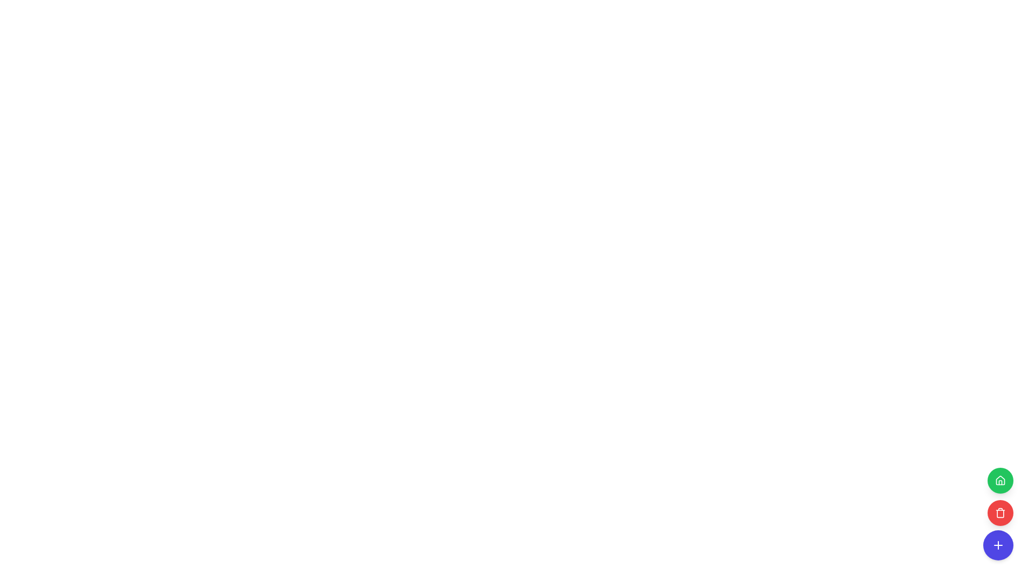 The width and height of the screenshot is (1035, 582). I want to click on the circular blue button with a white plus sign symbol, located at the bottom of a vertical stack of icons on the right edge of the interface, so click(998, 545).